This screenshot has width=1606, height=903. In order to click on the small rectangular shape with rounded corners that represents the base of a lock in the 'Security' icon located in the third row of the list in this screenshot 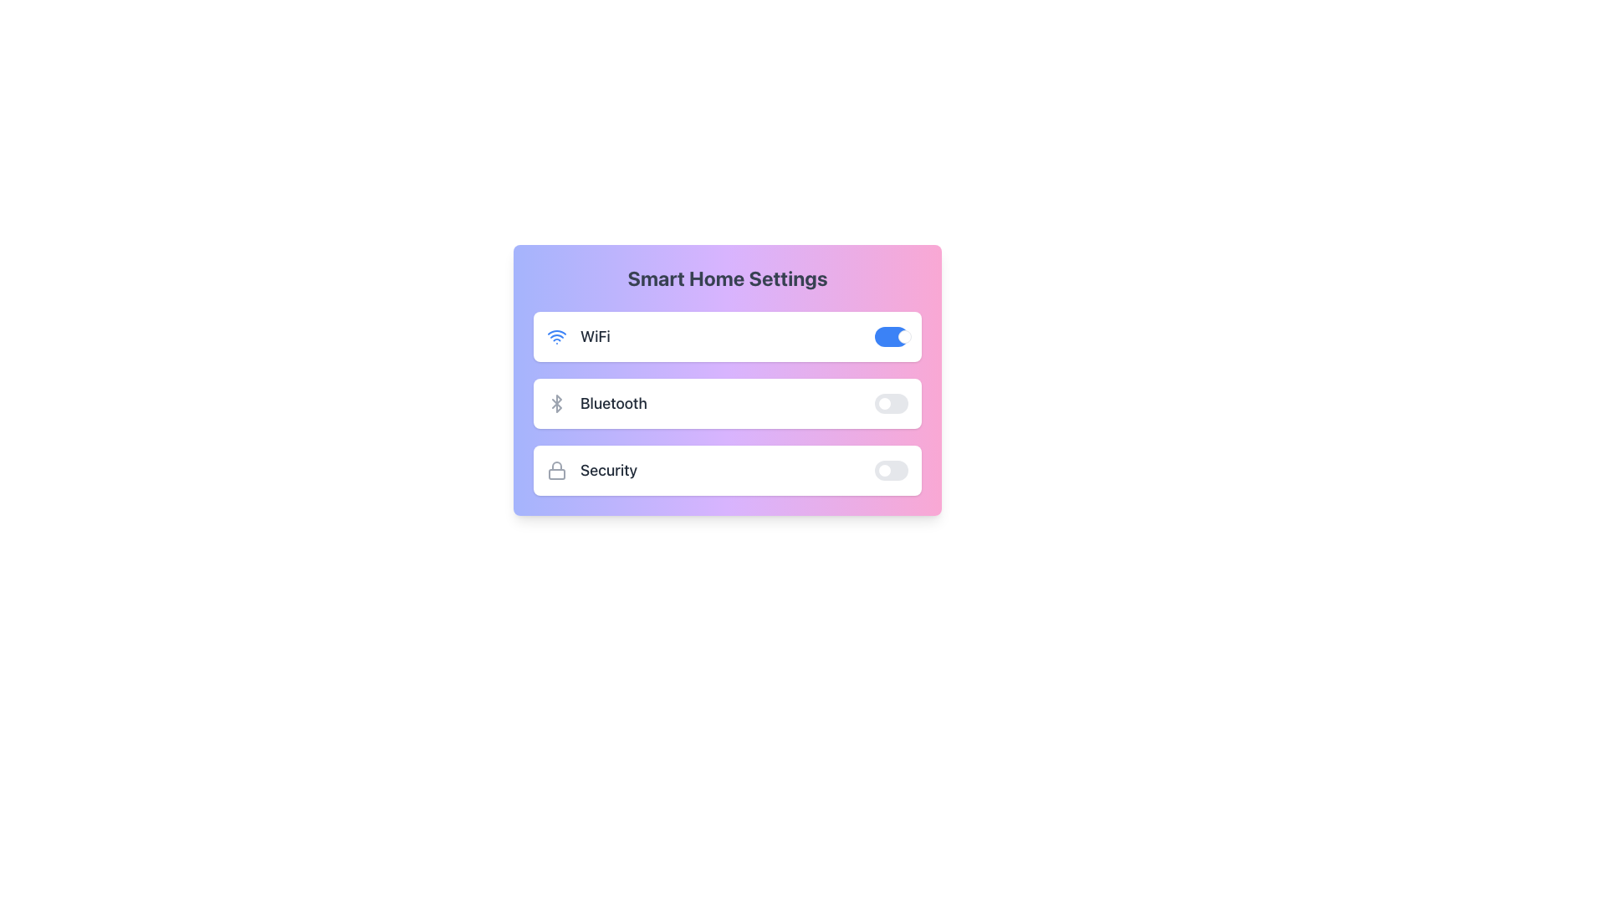, I will do `click(557, 474)`.